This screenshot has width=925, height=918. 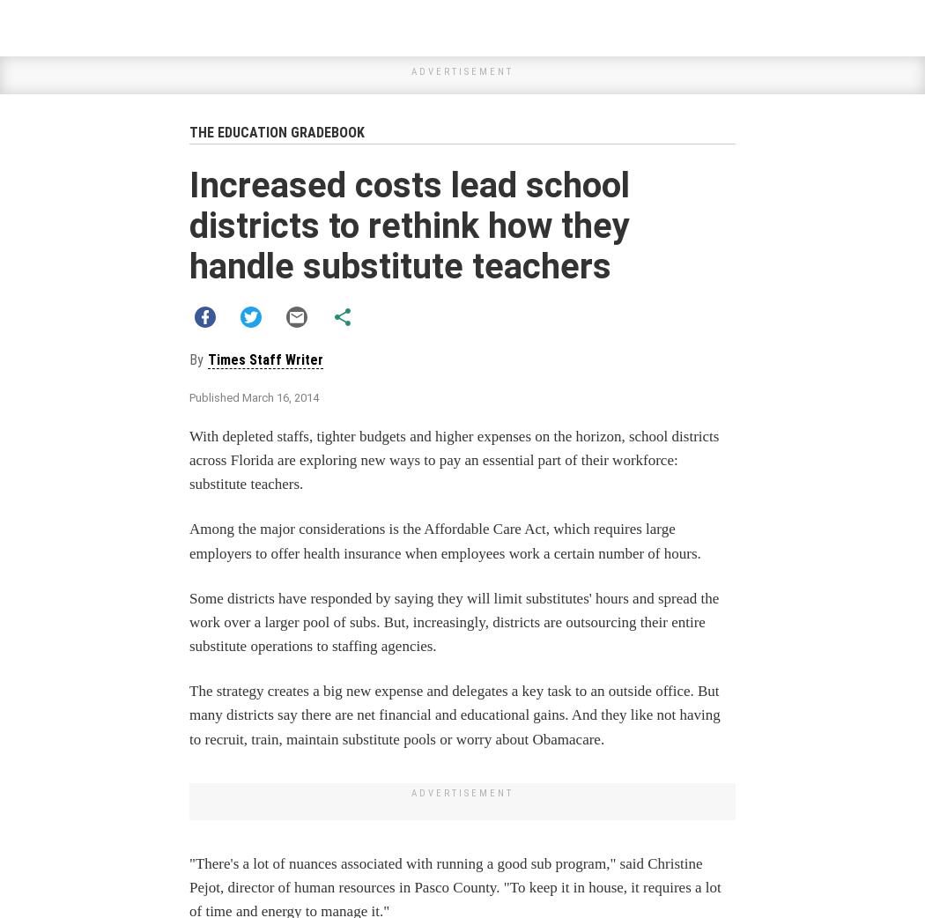 I want to click on 'MORE FOR YOU', so click(x=80, y=273).